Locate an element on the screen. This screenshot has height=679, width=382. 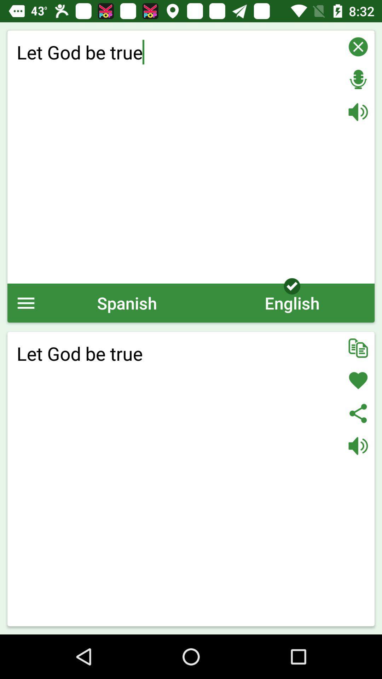
menu is located at coordinates (25, 303).